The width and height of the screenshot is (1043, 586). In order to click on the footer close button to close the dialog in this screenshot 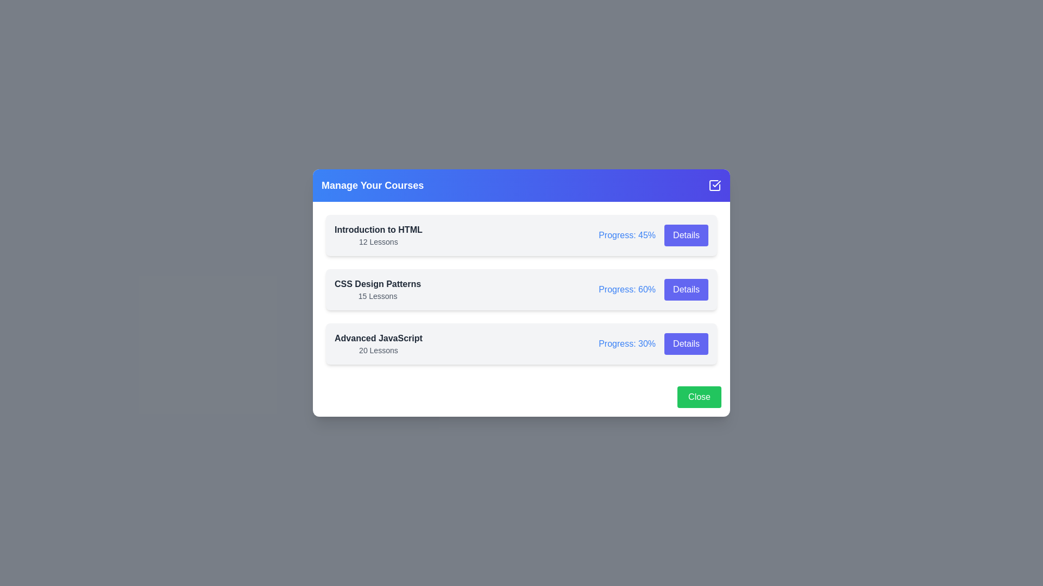, I will do `click(699, 397)`.